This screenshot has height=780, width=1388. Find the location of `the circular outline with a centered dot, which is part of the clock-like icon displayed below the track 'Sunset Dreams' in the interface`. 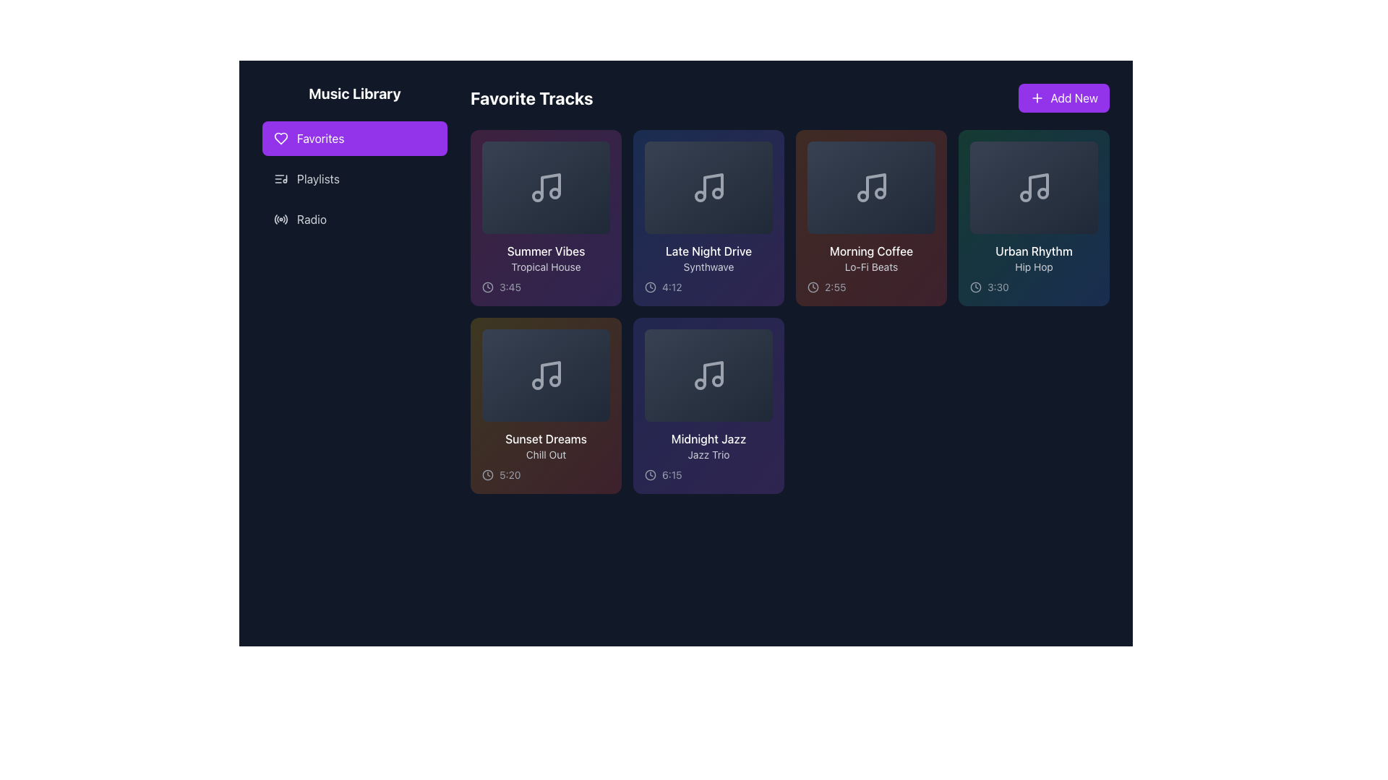

the circular outline with a centered dot, which is part of the clock-like icon displayed below the track 'Sunset Dreams' in the interface is located at coordinates (488, 475).